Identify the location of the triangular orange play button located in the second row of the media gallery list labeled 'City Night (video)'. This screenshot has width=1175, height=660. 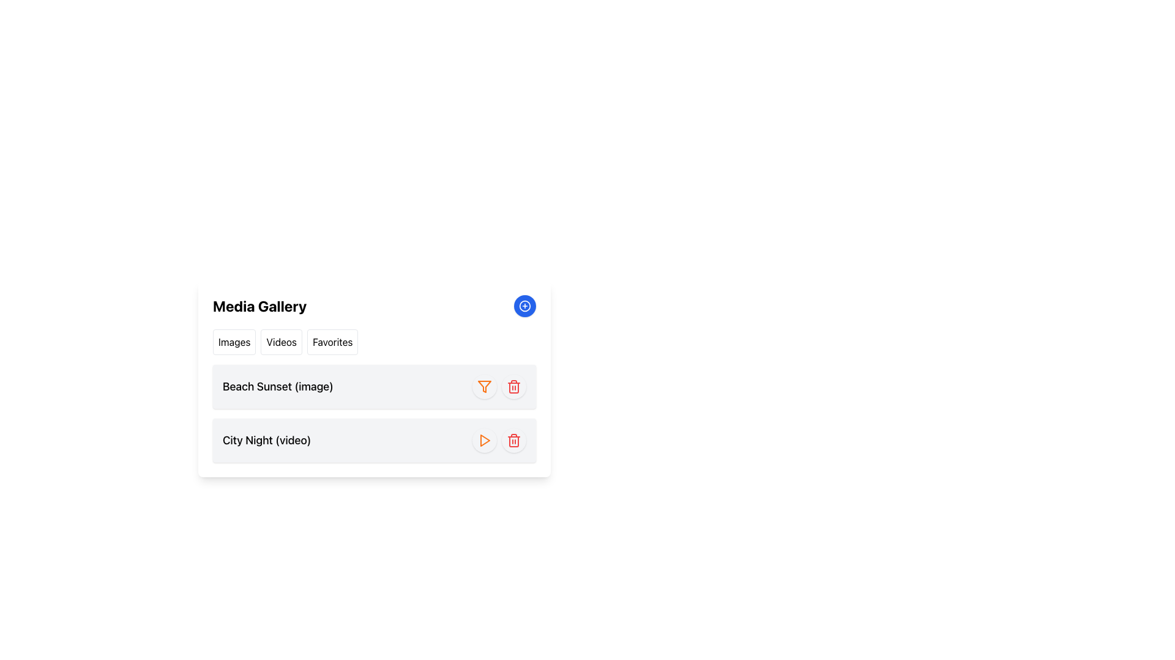
(484, 441).